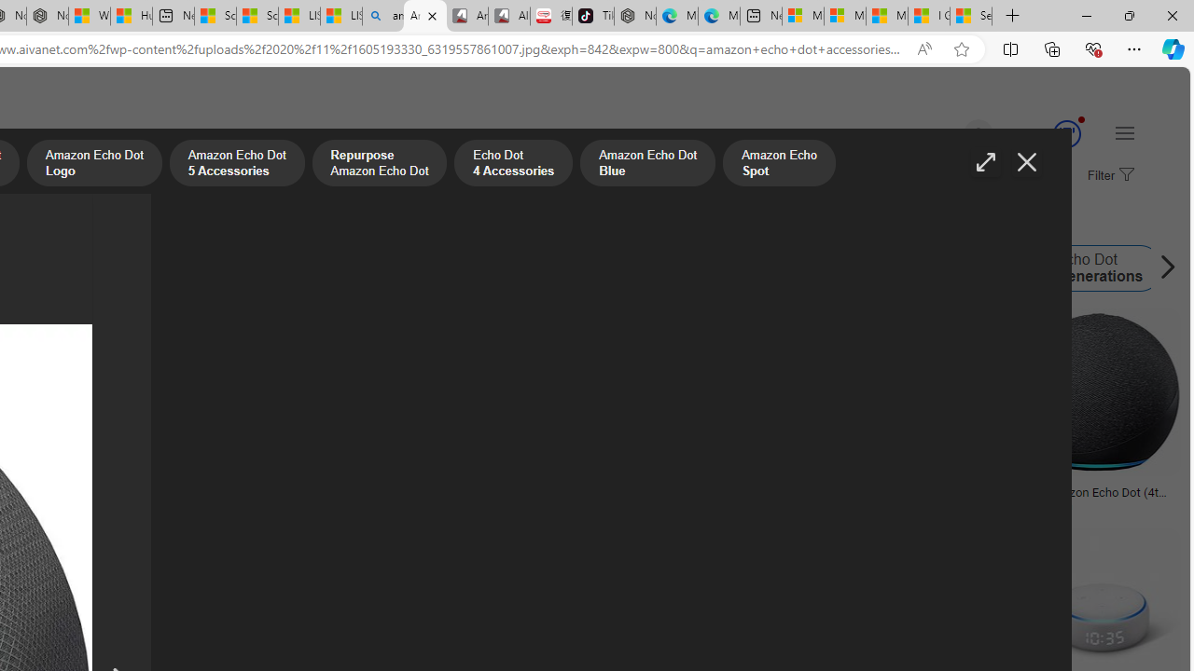  I want to click on 'Amazon Echo Dot 5 Accessories', so click(235, 164).